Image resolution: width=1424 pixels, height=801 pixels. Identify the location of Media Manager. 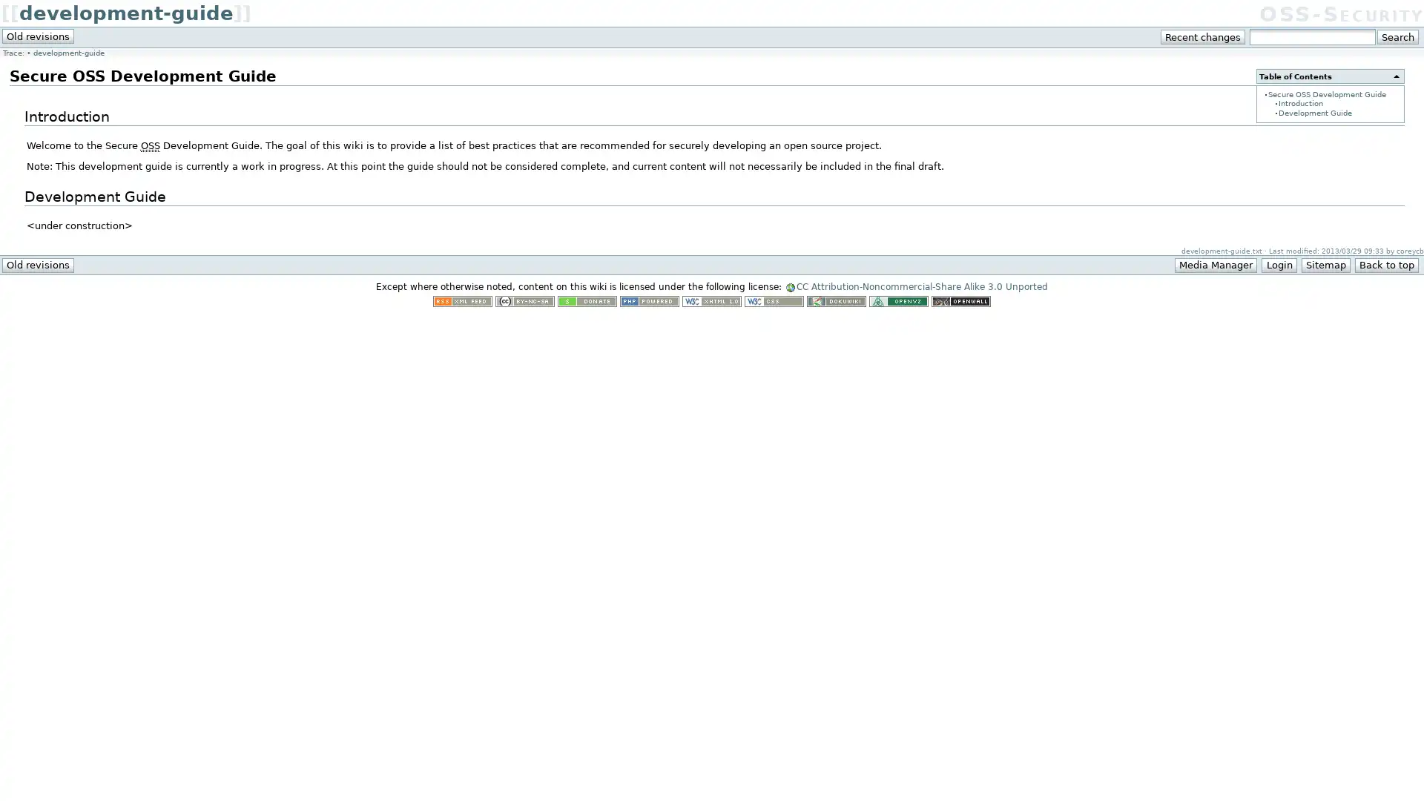
(1216, 264).